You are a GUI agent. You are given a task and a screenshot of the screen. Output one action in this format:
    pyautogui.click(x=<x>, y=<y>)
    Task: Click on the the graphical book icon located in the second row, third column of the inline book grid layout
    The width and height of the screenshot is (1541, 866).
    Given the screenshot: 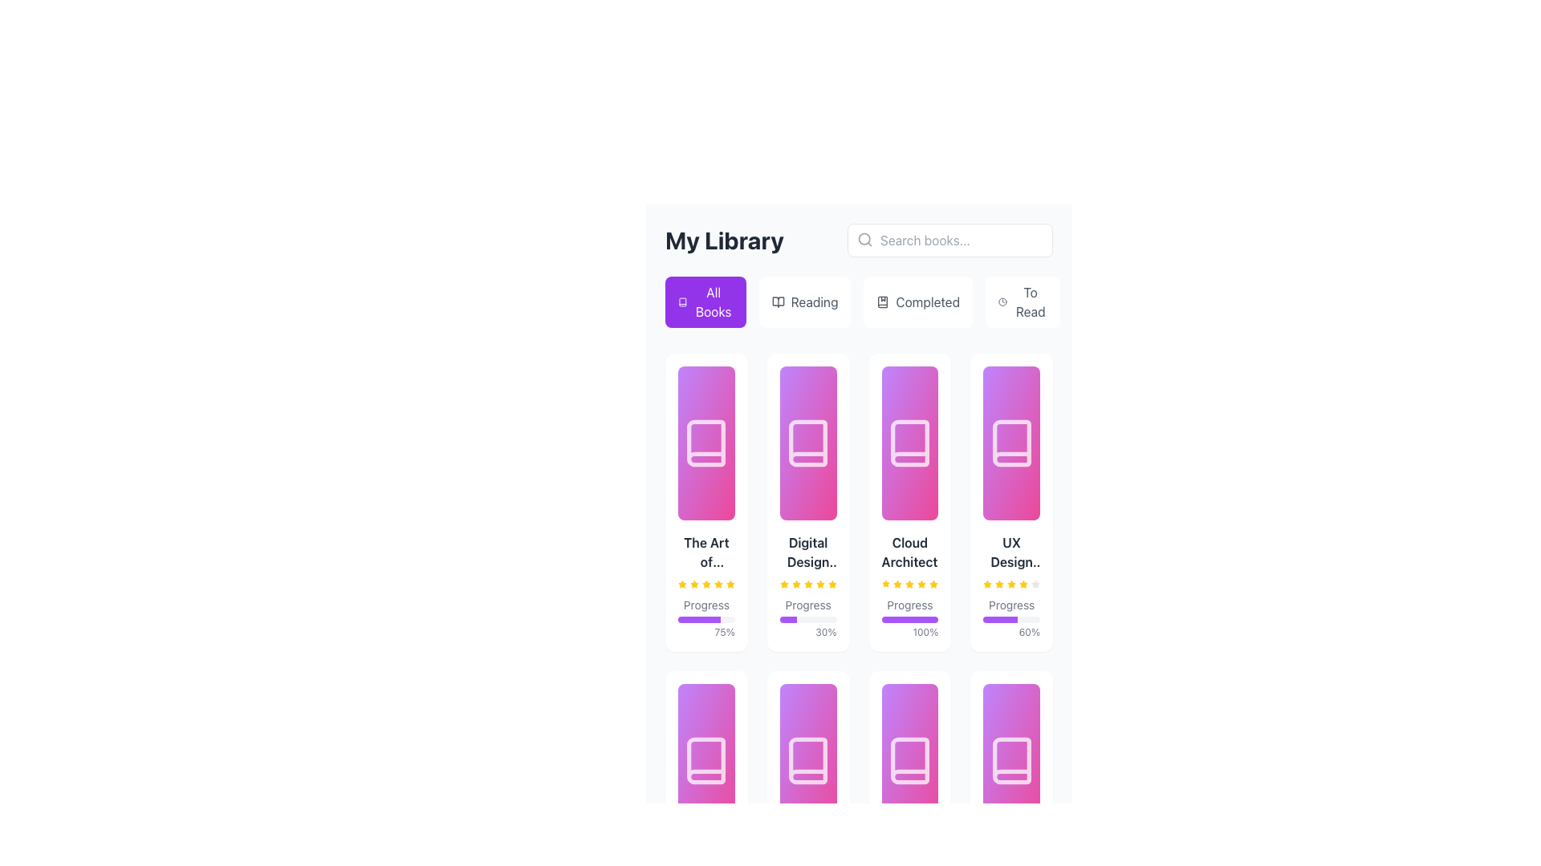 What is the action you would take?
    pyautogui.click(x=909, y=759)
    